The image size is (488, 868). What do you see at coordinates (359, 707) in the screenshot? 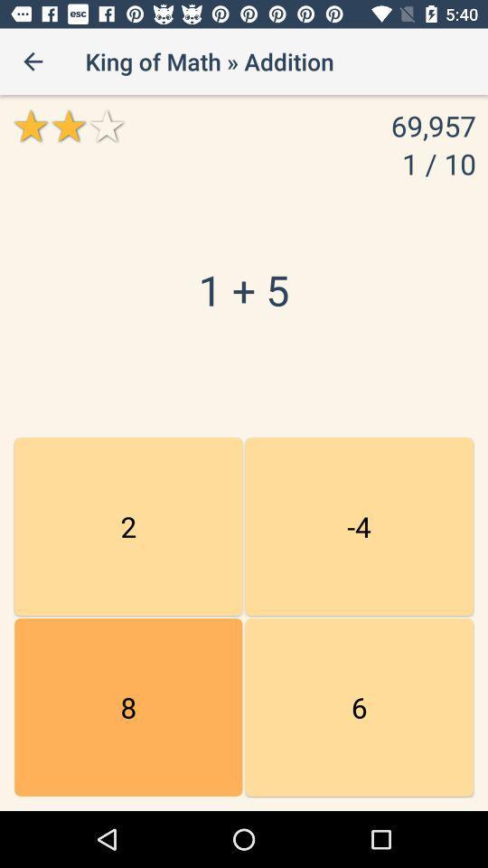
I see `the icon to the right of the 15` at bounding box center [359, 707].